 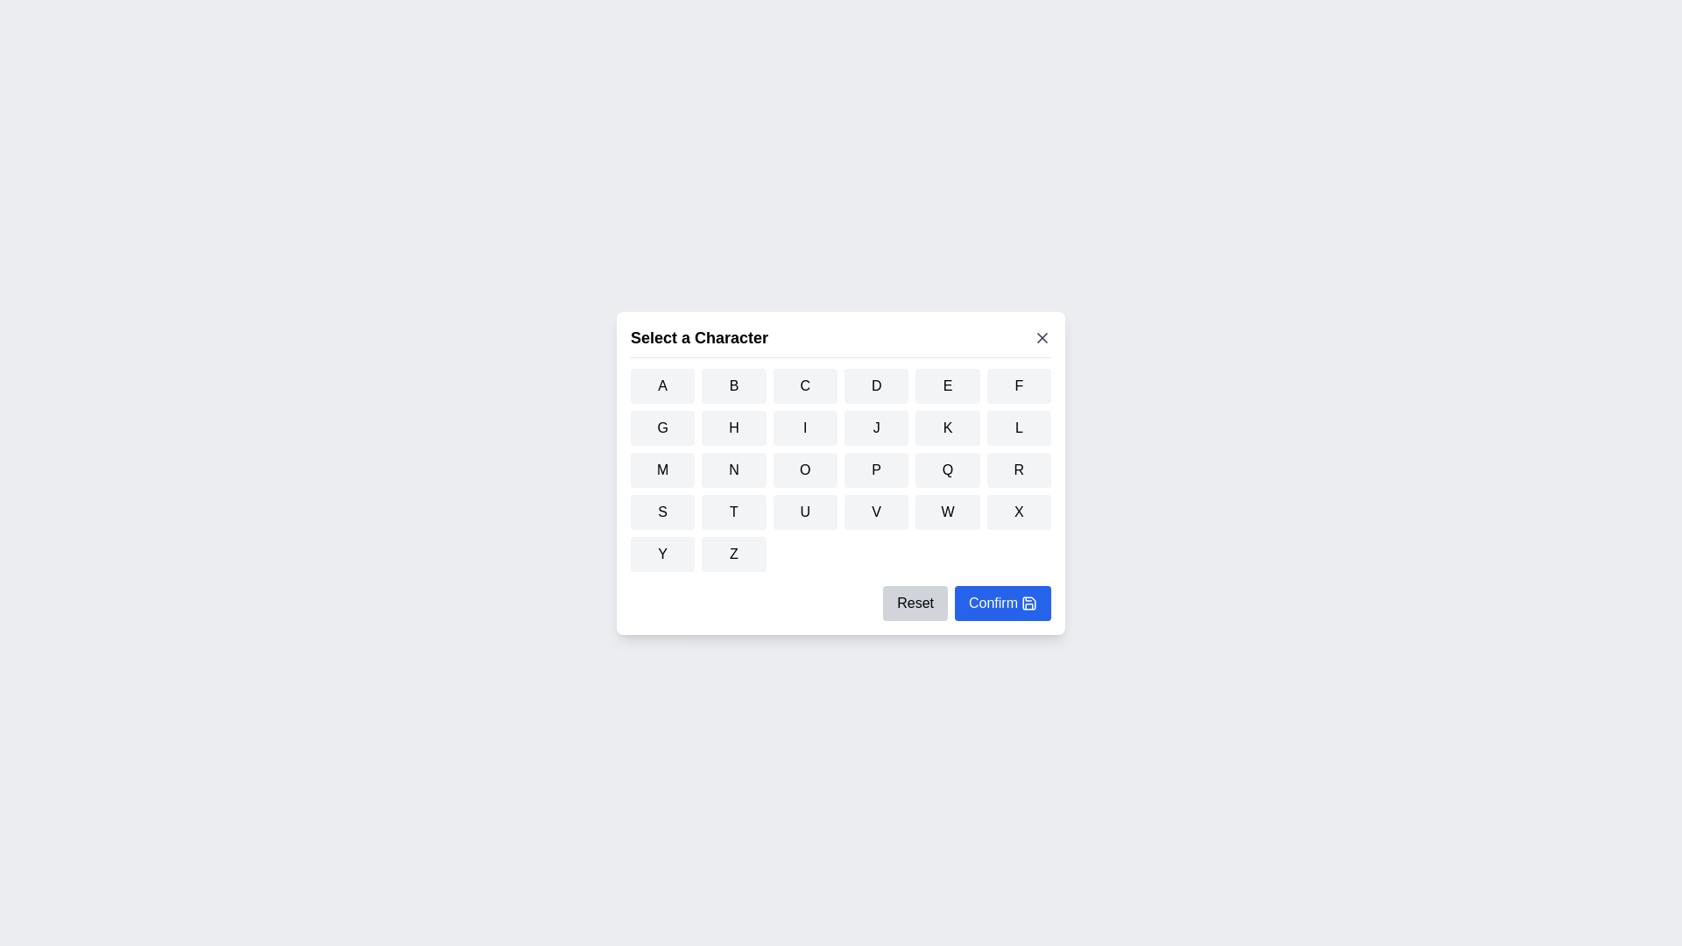 What do you see at coordinates (915, 601) in the screenshot?
I see `'Reset' button to reset the selected character` at bounding box center [915, 601].